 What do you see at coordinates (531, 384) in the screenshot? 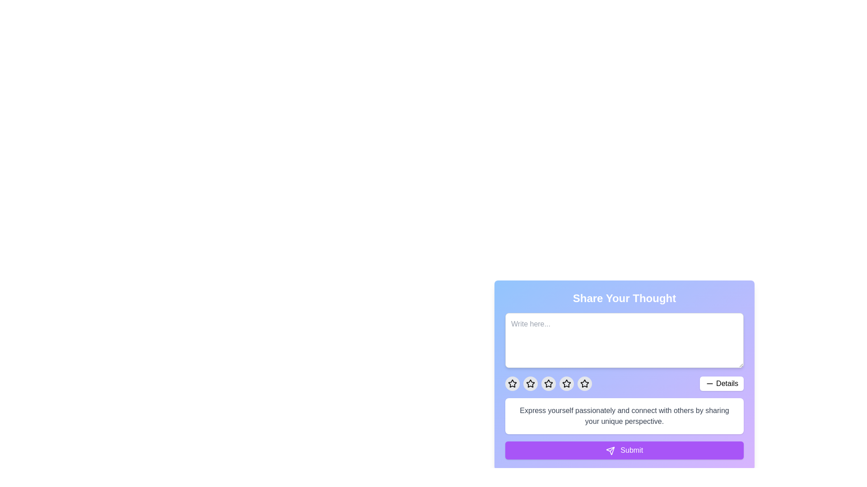
I see `the first star icon in the series of five rating stars, positioned below the 'Share Your Thought' input box and above the text field` at bounding box center [531, 384].